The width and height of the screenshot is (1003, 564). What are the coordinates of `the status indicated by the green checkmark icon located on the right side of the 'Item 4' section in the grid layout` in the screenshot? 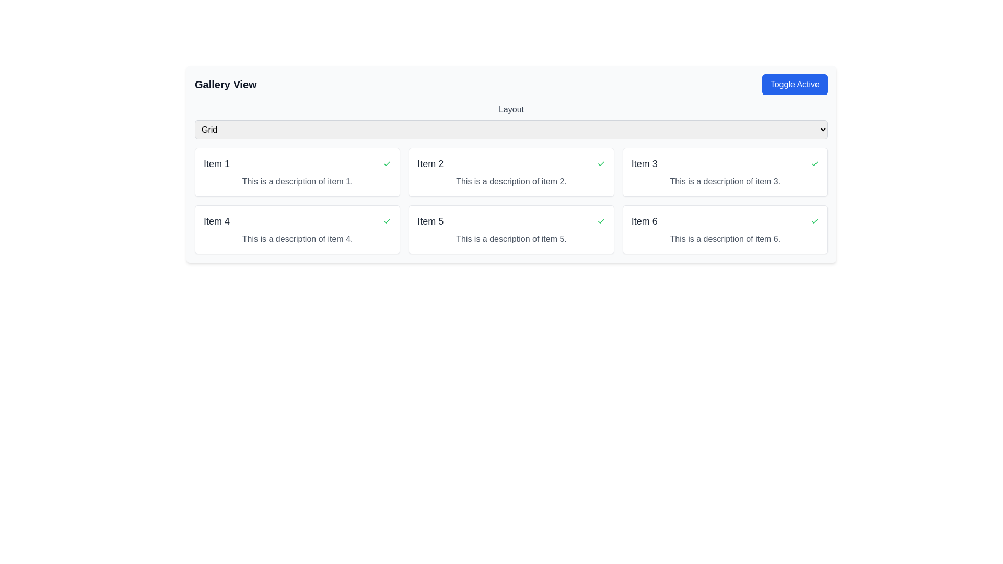 It's located at (387, 221).